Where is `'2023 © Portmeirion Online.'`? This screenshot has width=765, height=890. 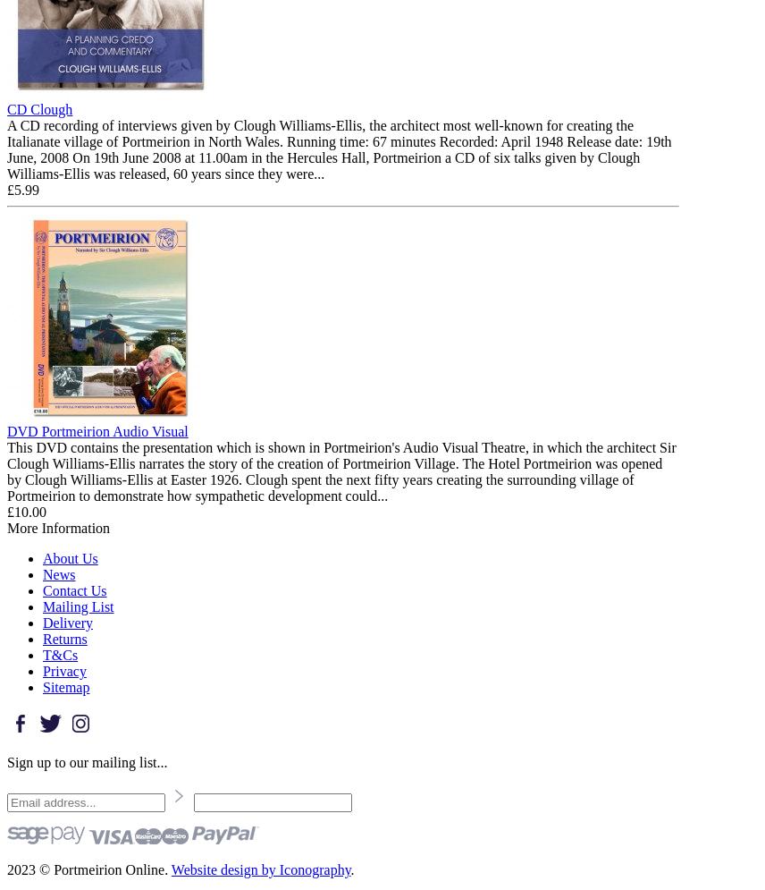 '2023 © Portmeirion Online.' is located at coordinates (6, 868).